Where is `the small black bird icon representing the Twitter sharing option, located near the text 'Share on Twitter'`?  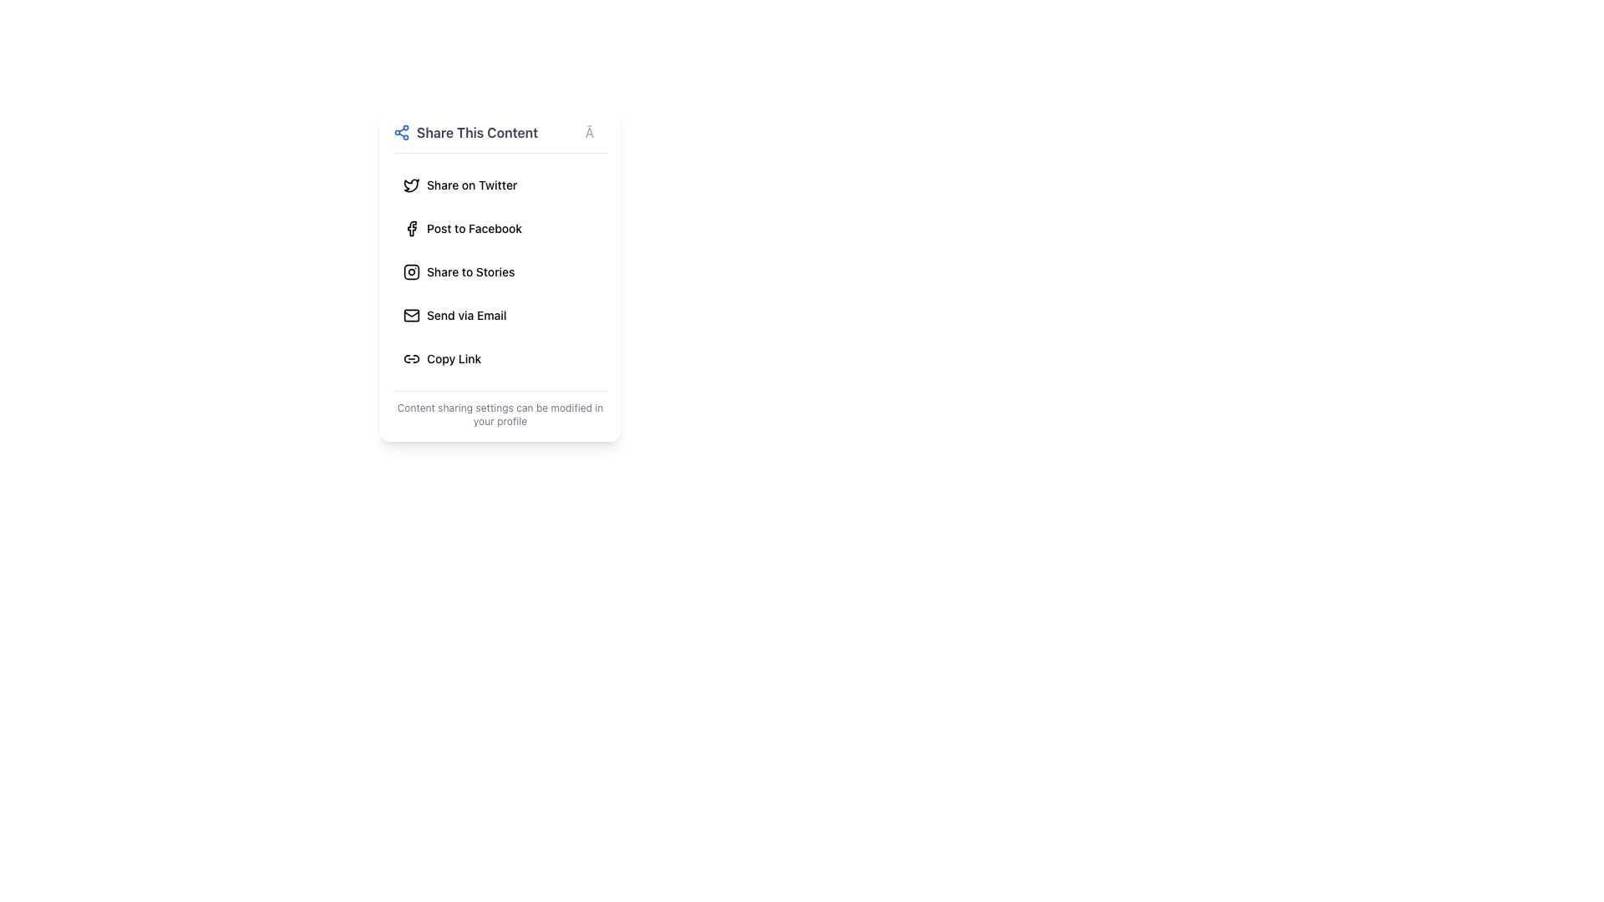
the small black bird icon representing the Twitter sharing option, located near the text 'Share on Twitter' is located at coordinates (412, 185).